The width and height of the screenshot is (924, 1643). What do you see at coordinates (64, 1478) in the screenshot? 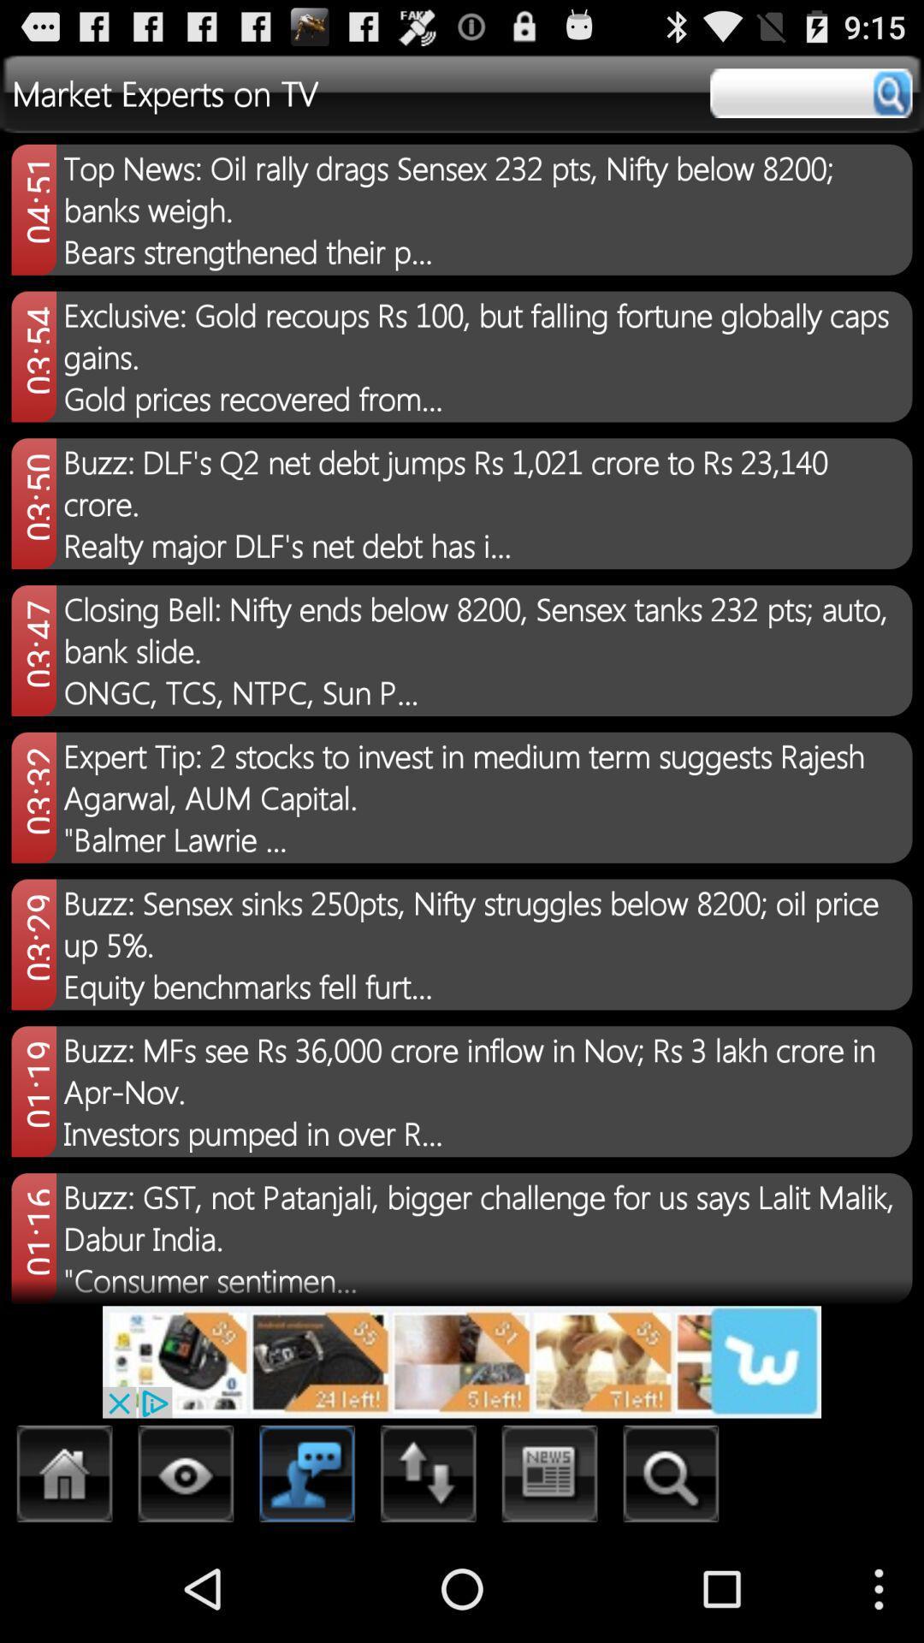
I see `home button` at bounding box center [64, 1478].